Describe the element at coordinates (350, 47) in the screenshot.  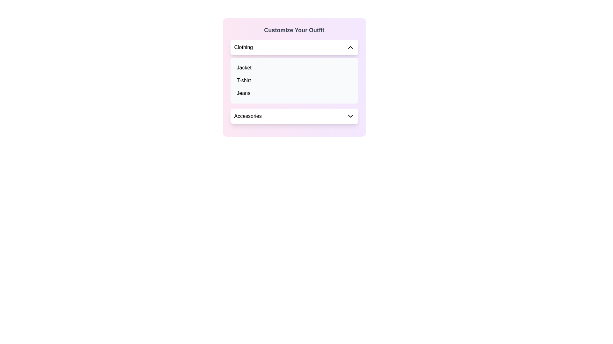
I see `the chevron icon located at the far right of the 'Clothing' dropdown area` at that location.